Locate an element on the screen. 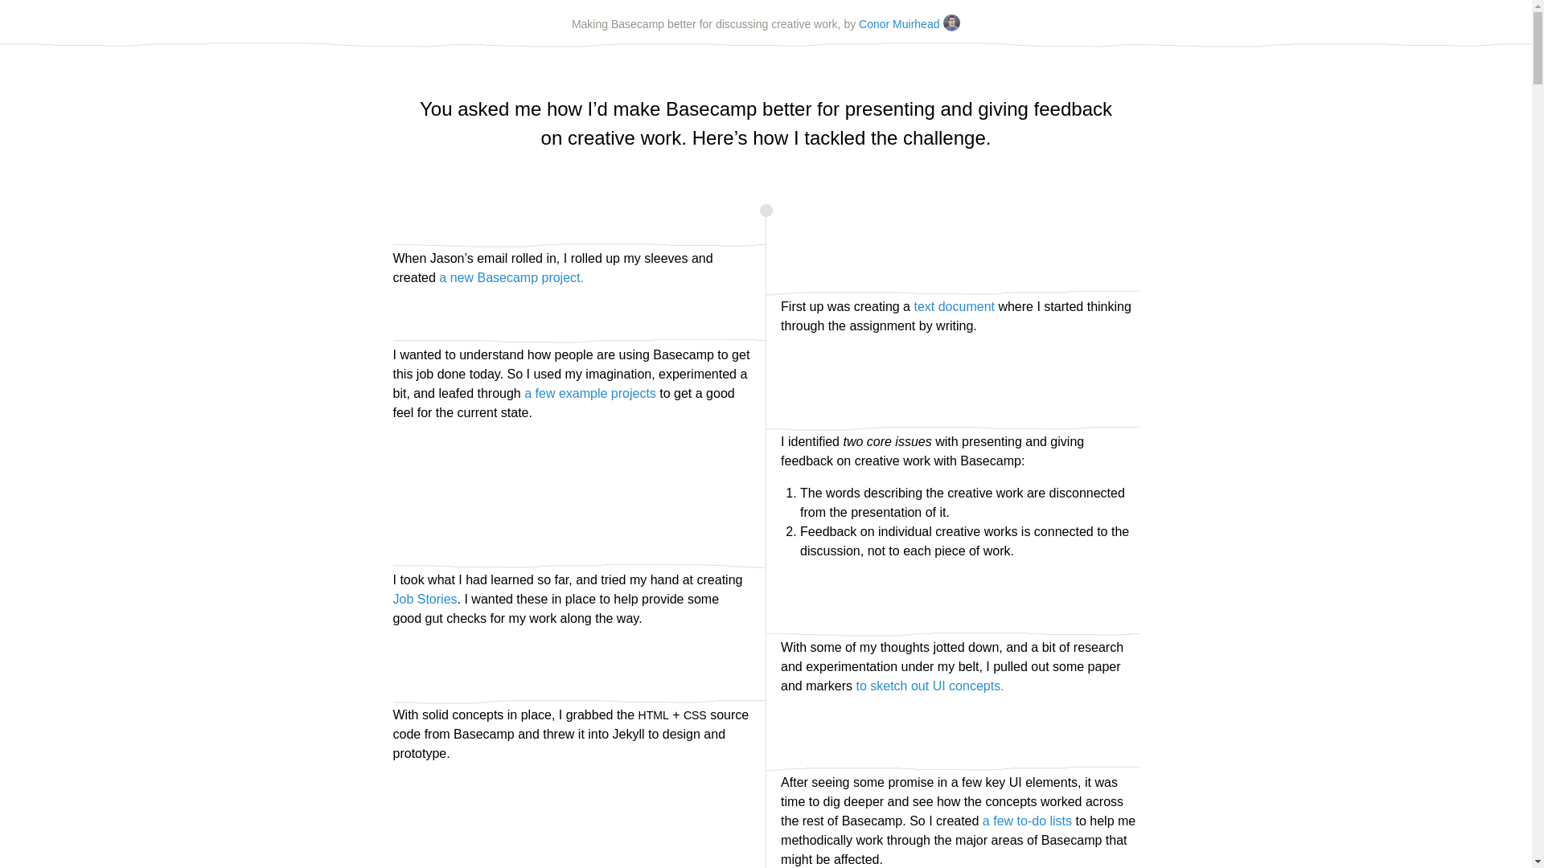  'to-do' is located at coordinates (1016, 821).